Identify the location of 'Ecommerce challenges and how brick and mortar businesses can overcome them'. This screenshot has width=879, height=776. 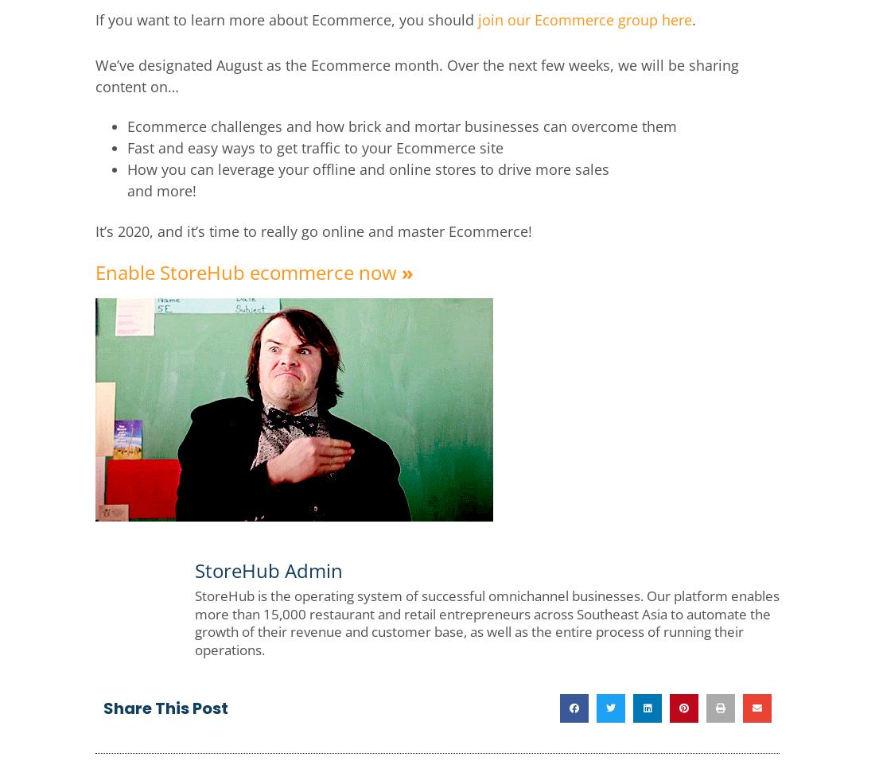
(402, 125).